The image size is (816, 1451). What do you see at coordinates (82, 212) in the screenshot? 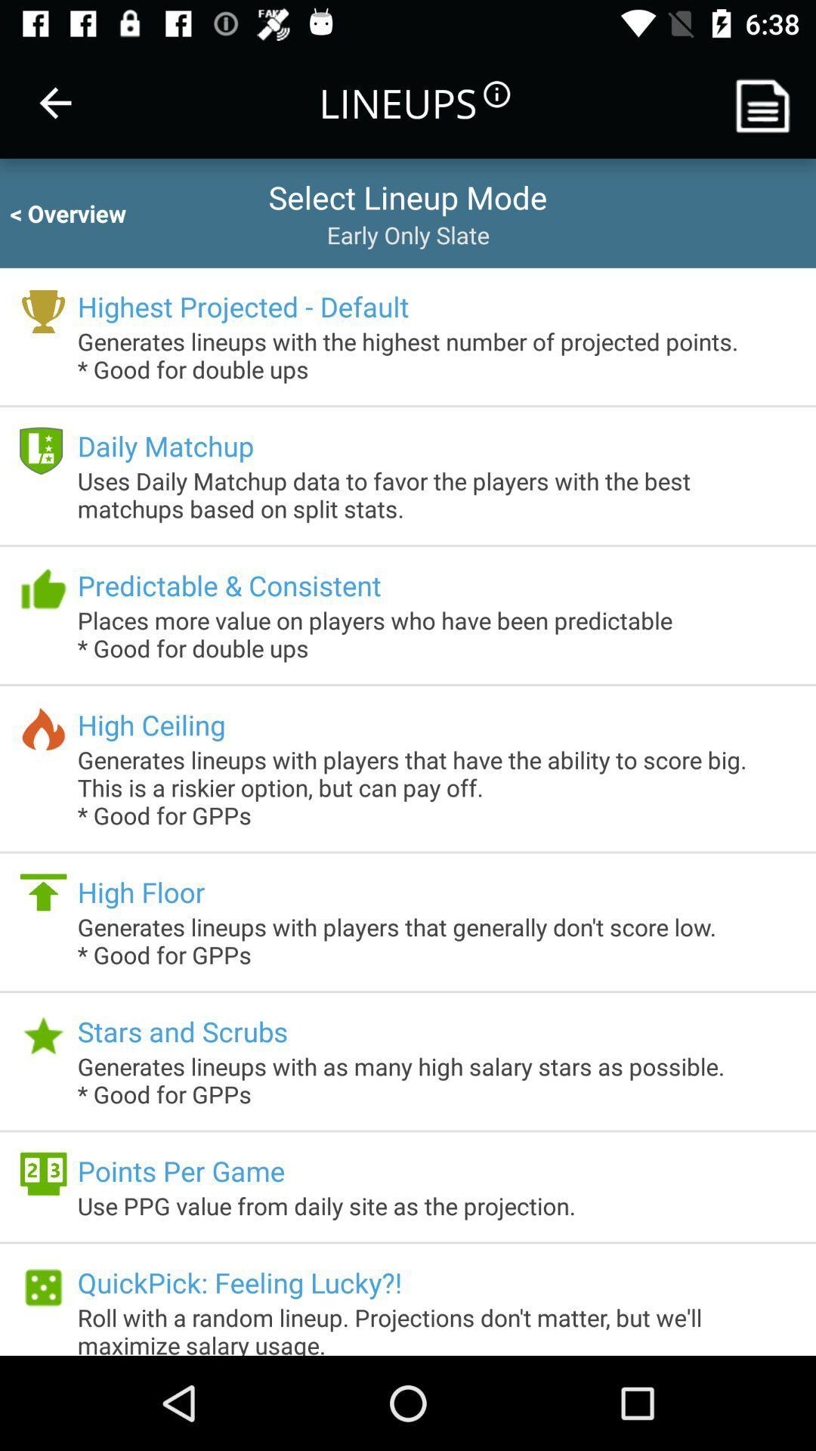
I see `the < overview icon` at bounding box center [82, 212].